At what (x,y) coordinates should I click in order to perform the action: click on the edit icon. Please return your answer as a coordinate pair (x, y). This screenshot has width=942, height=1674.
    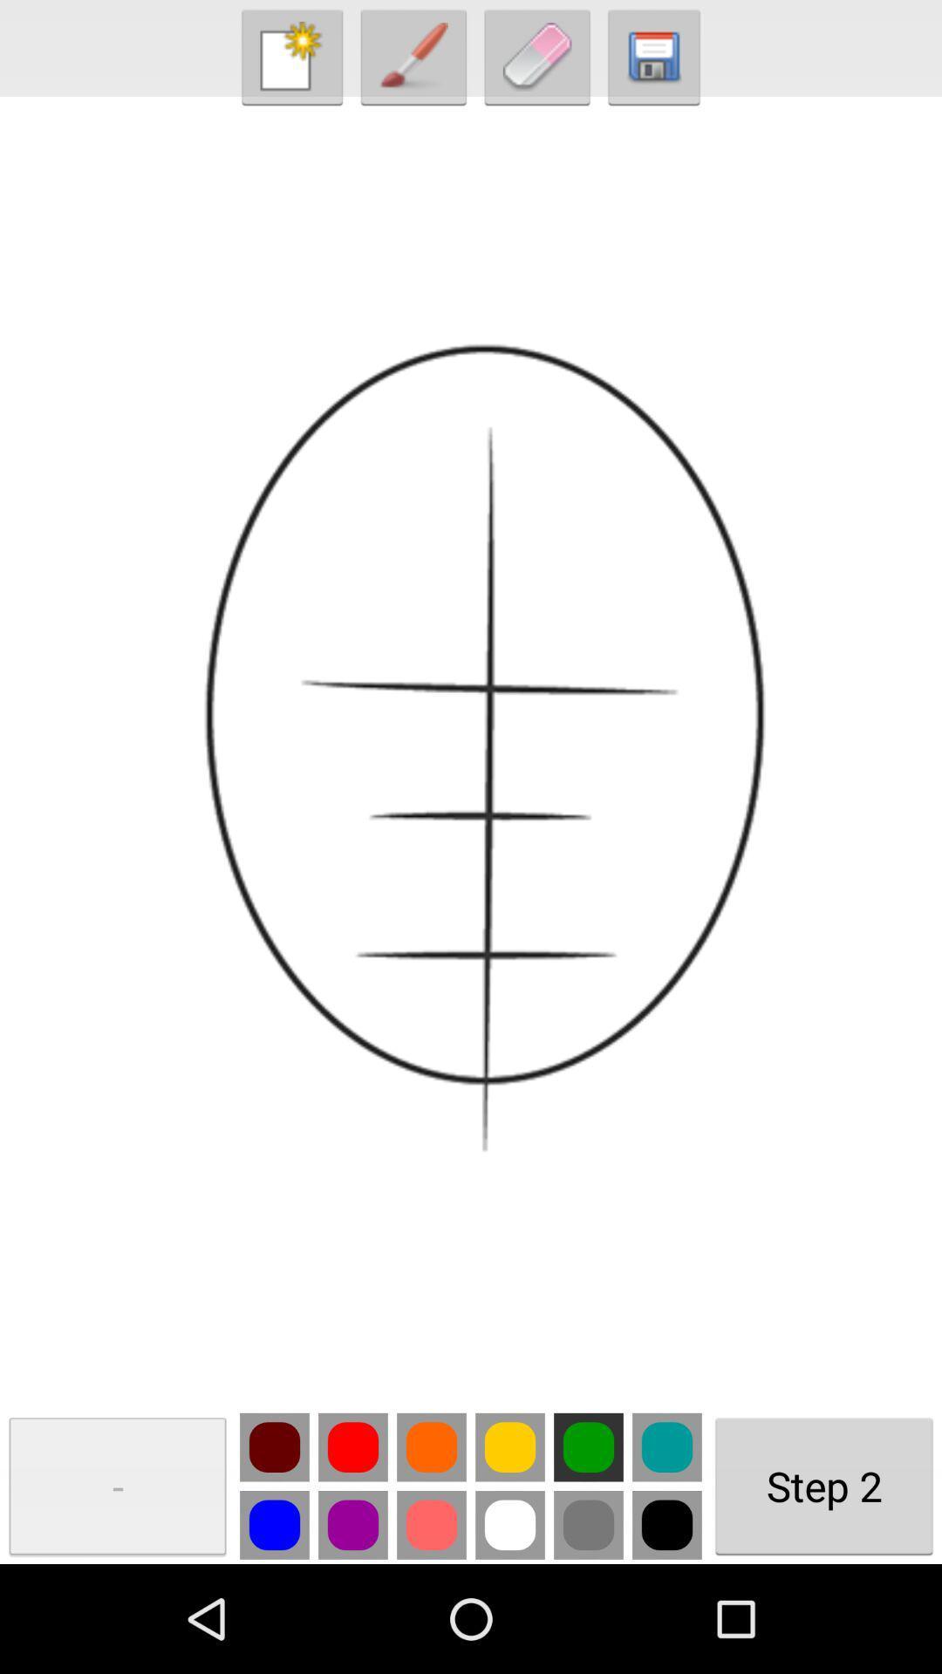
    Looking at the image, I should click on (413, 61).